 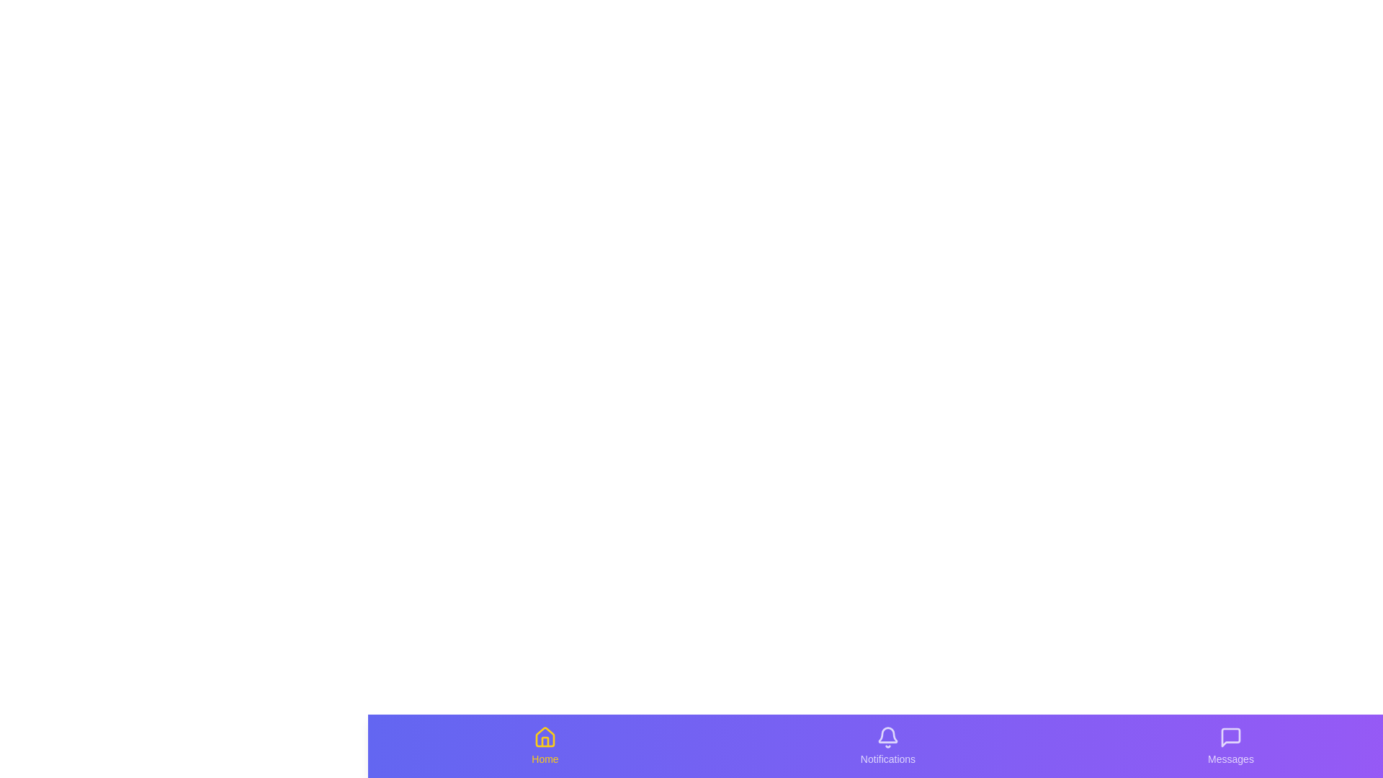 I want to click on the Messages icon to activate its functionality, so click(x=1230, y=746).